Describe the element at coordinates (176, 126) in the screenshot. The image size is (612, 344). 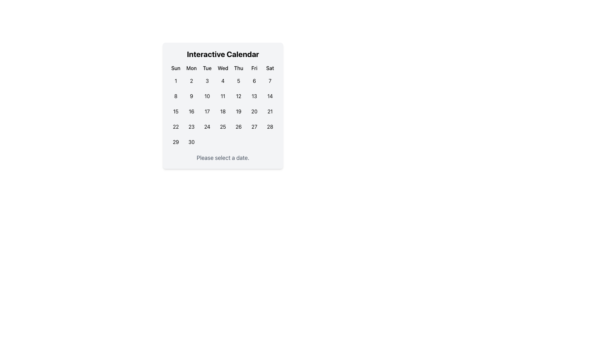
I see `the calendar date cell representing the date '22' located in the first column of the fourth row below the 'Sun' header` at that location.